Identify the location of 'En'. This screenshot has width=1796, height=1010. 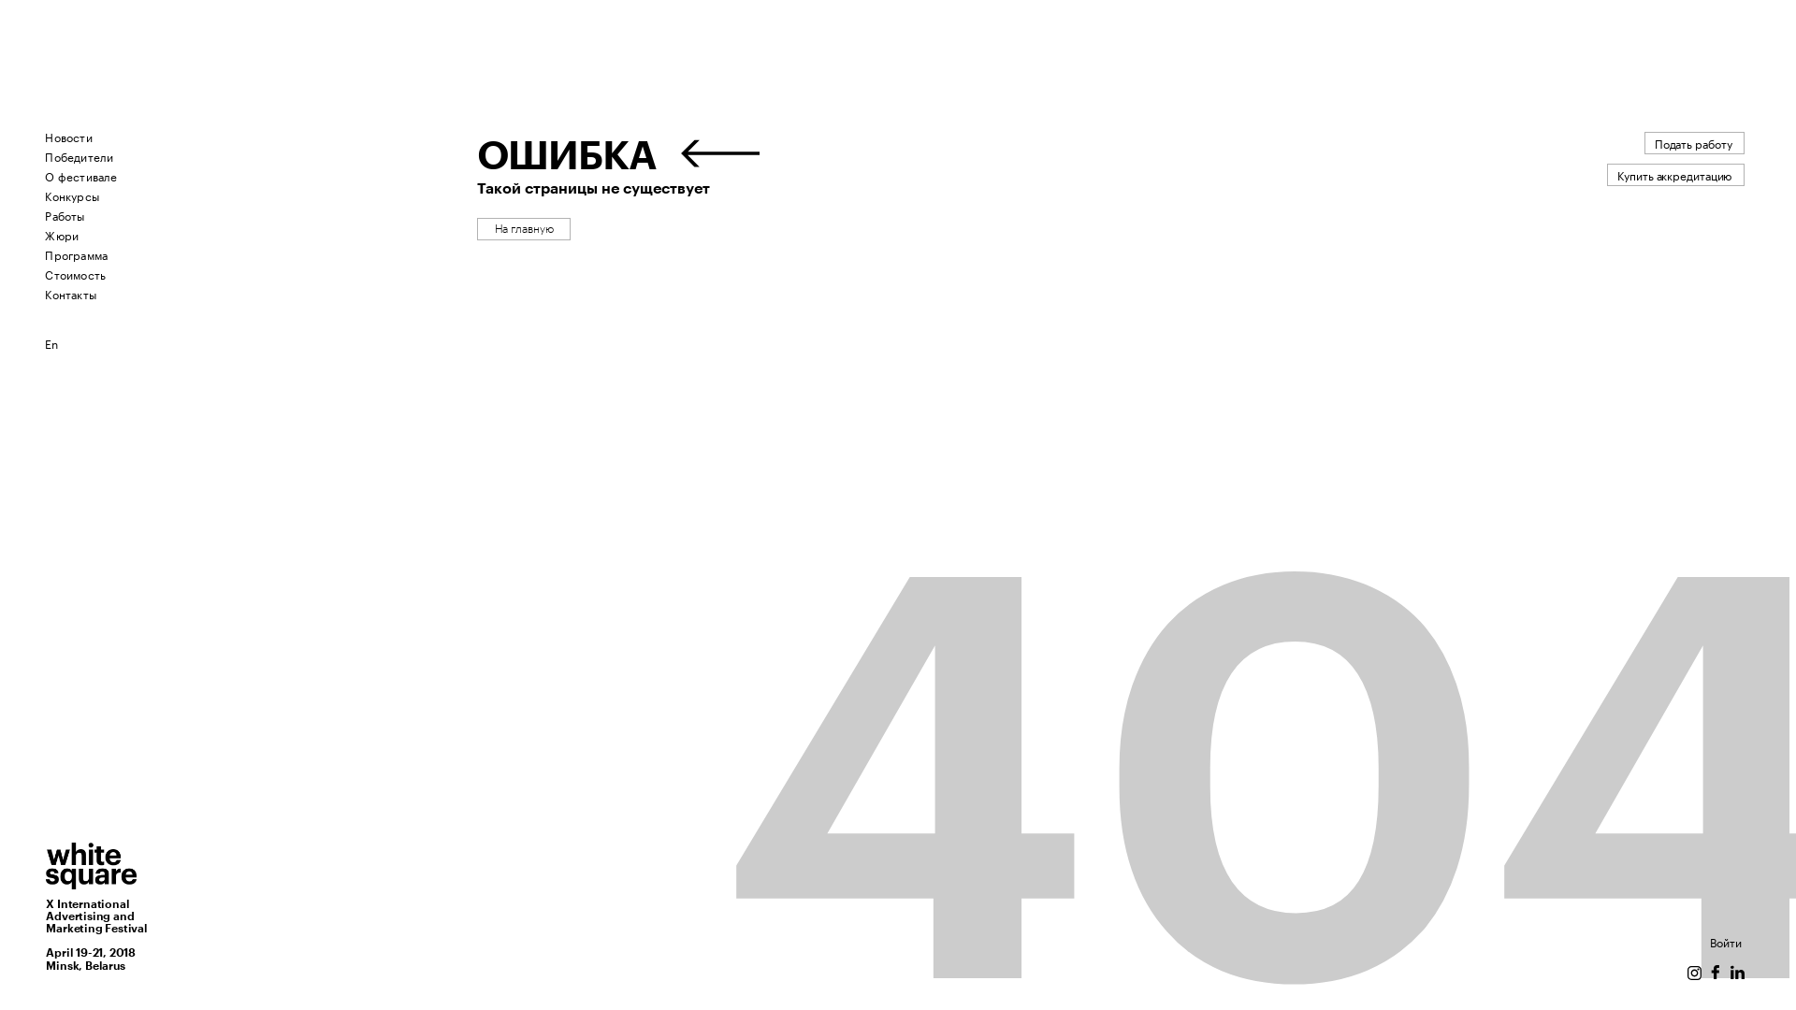
(51, 342).